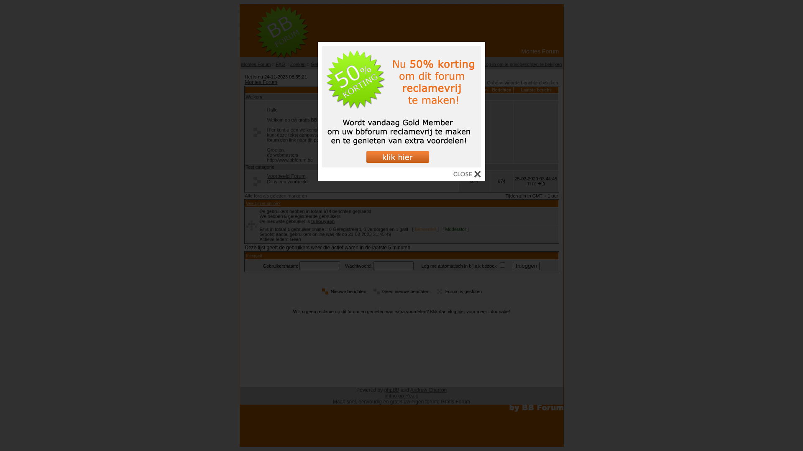  I want to click on 'Montes Forum', so click(256, 64).